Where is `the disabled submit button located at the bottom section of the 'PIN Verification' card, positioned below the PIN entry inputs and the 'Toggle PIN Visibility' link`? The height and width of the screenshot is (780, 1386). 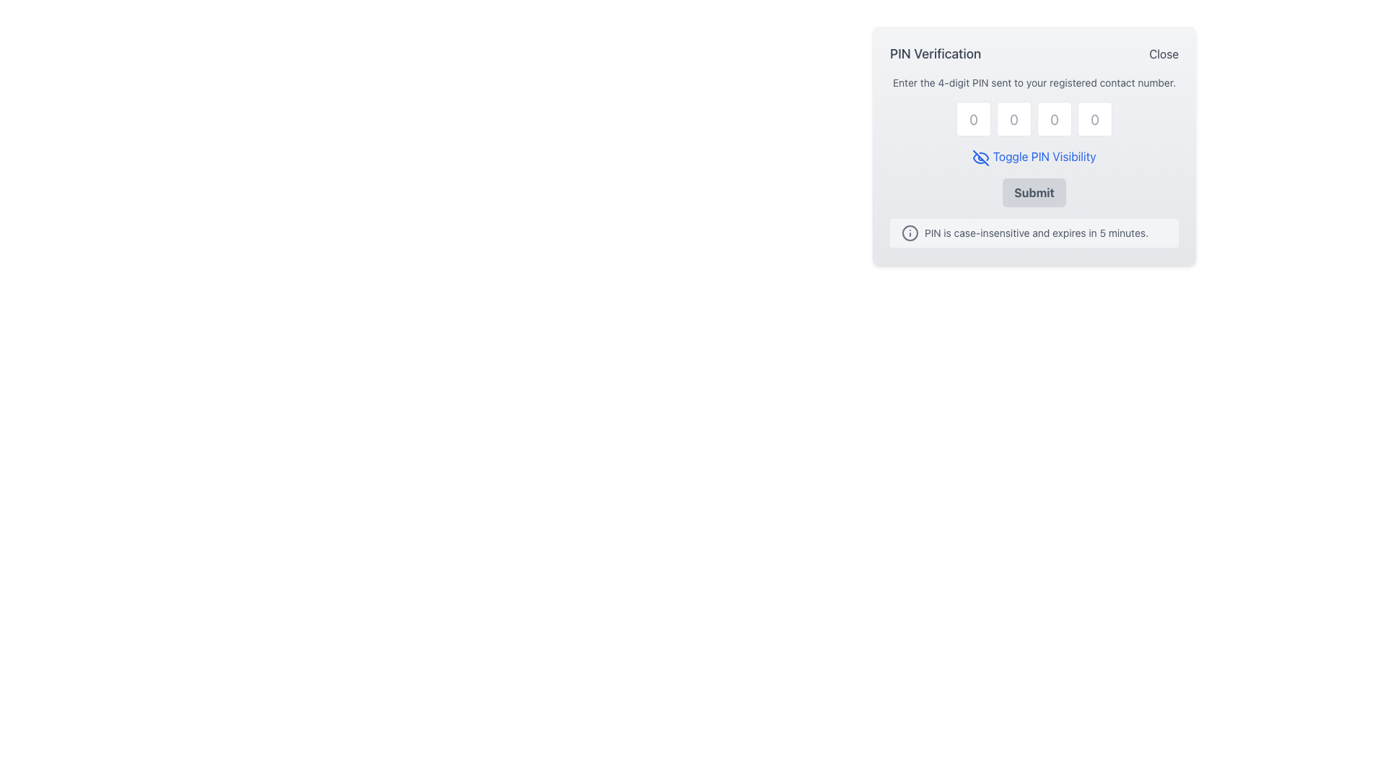
the disabled submit button located at the bottom section of the 'PIN Verification' card, positioned below the PIN entry inputs and the 'Toggle PIN Visibility' link is located at coordinates (1034, 191).